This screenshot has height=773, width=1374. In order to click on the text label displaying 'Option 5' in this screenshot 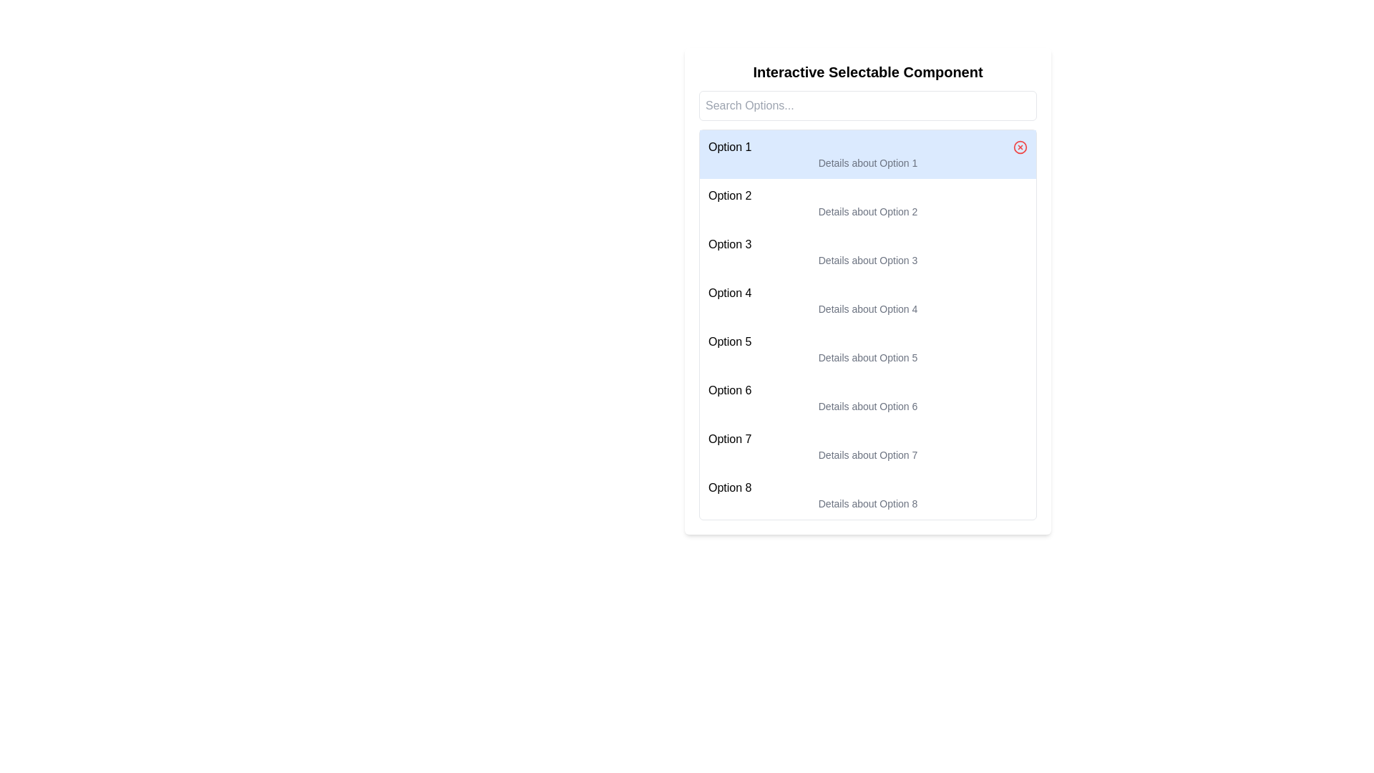, I will do `click(729, 342)`.